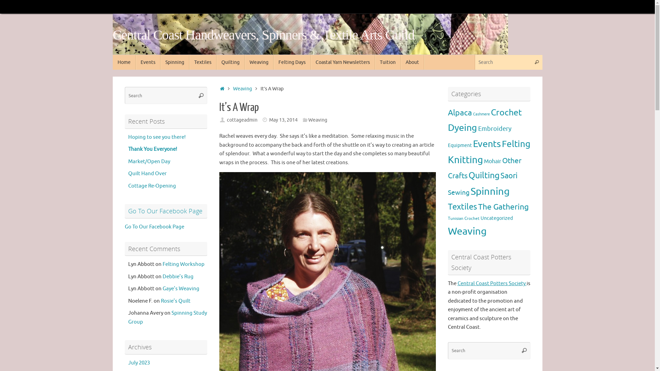  I want to click on 'Events', so click(147, 62).